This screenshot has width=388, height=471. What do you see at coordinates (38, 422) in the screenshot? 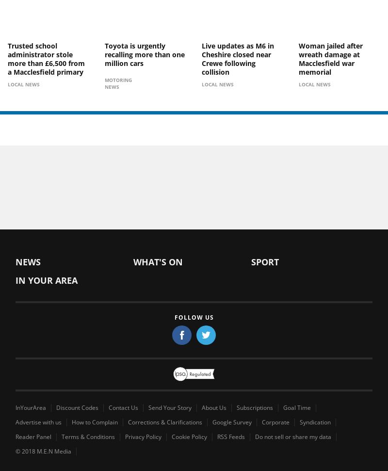
I see `'Advertise with us'` at bounding box center [38, 422].